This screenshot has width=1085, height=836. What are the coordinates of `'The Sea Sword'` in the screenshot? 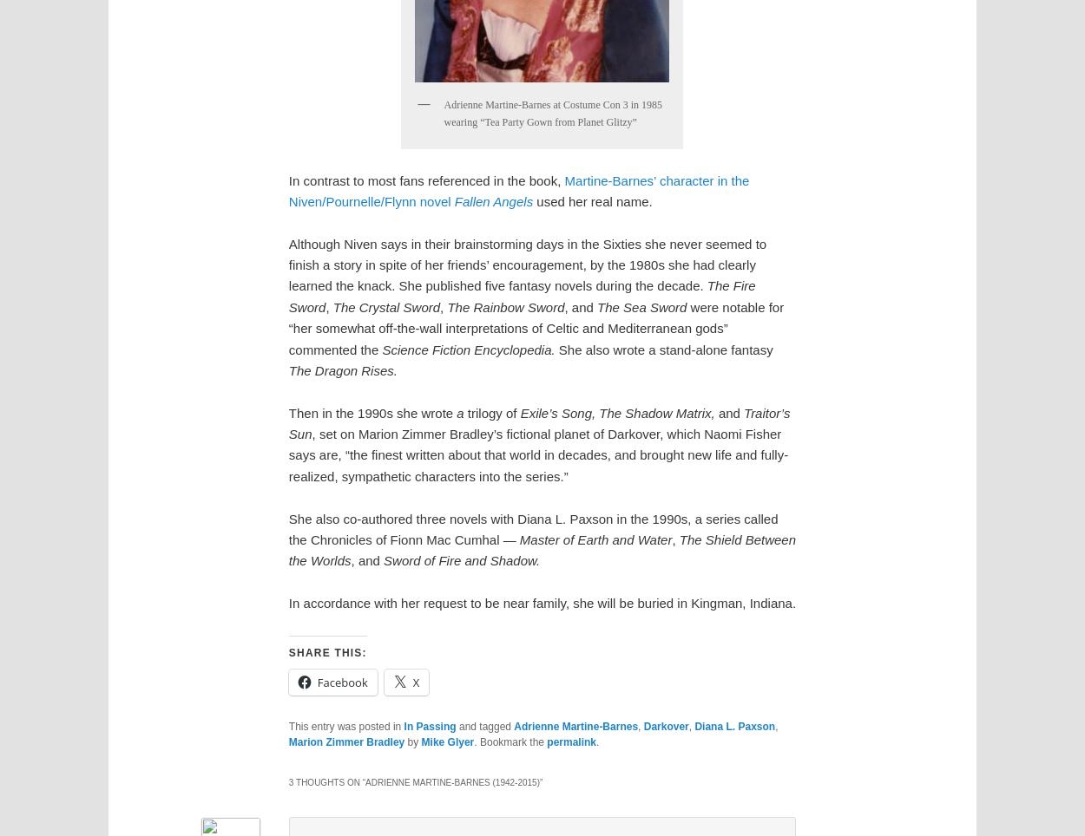 It's located at (597, 305).